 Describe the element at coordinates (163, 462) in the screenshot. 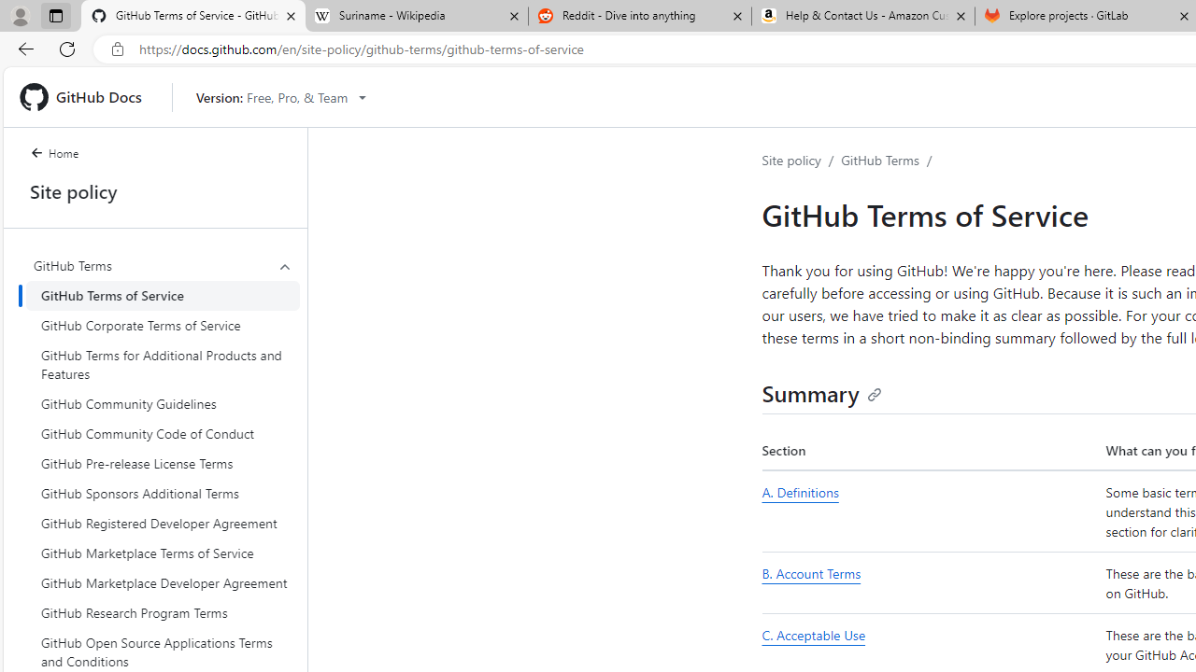

I see `'GitHub Pre-release License Terms'` at that location.